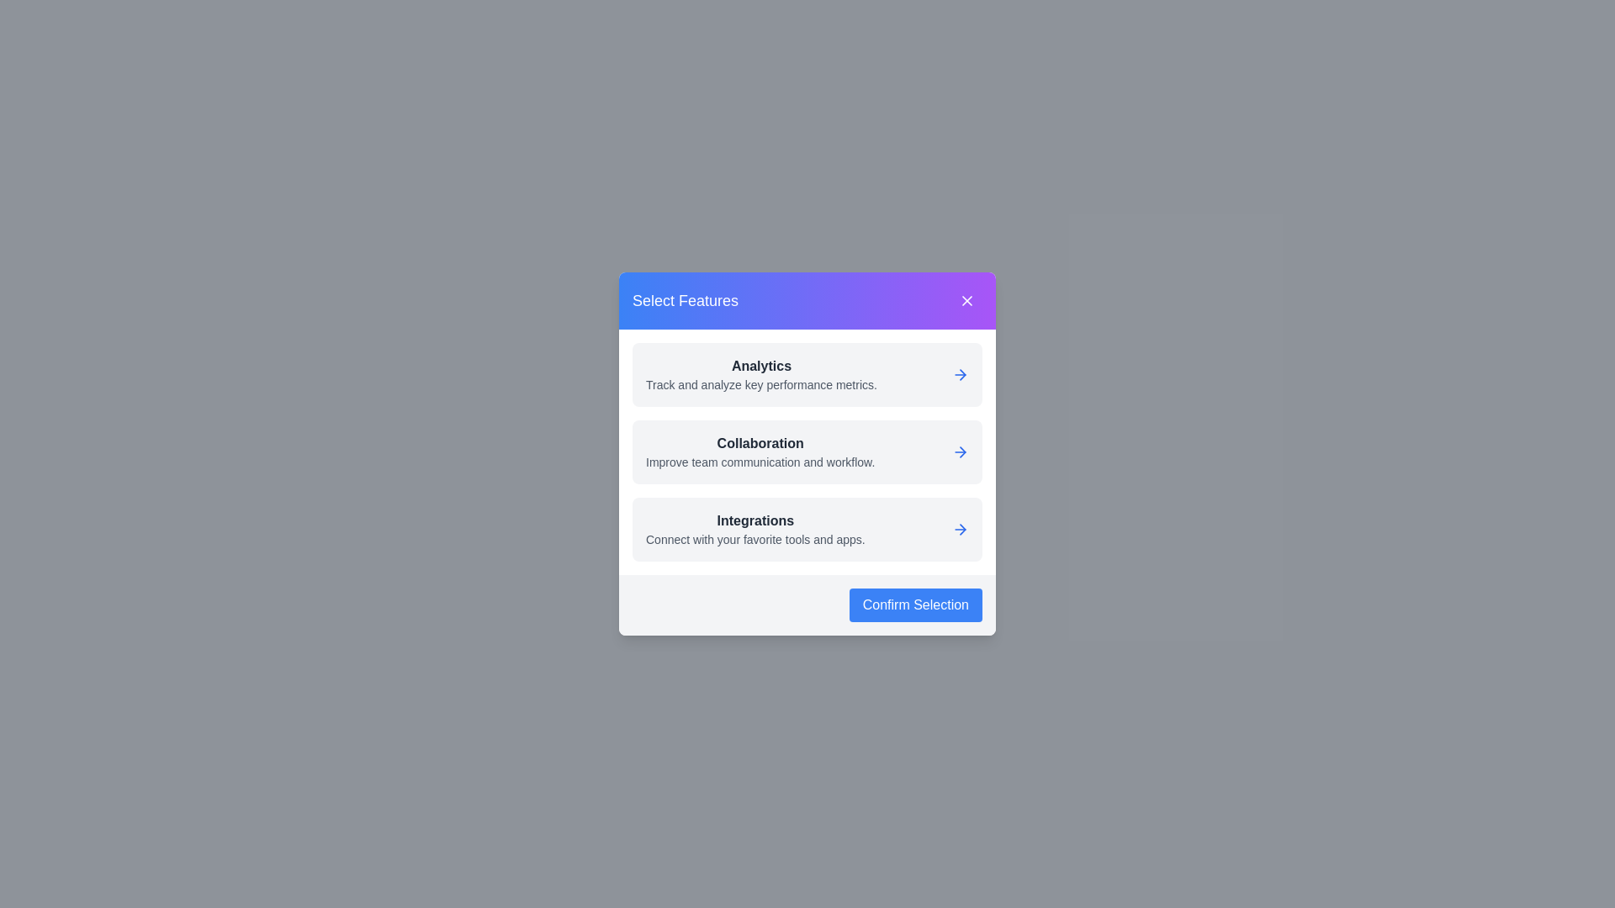  What do you see at coordinates (807, 300) in the screenshot?
I see `the modal header to interact with it` at bounding box center [807, 300].